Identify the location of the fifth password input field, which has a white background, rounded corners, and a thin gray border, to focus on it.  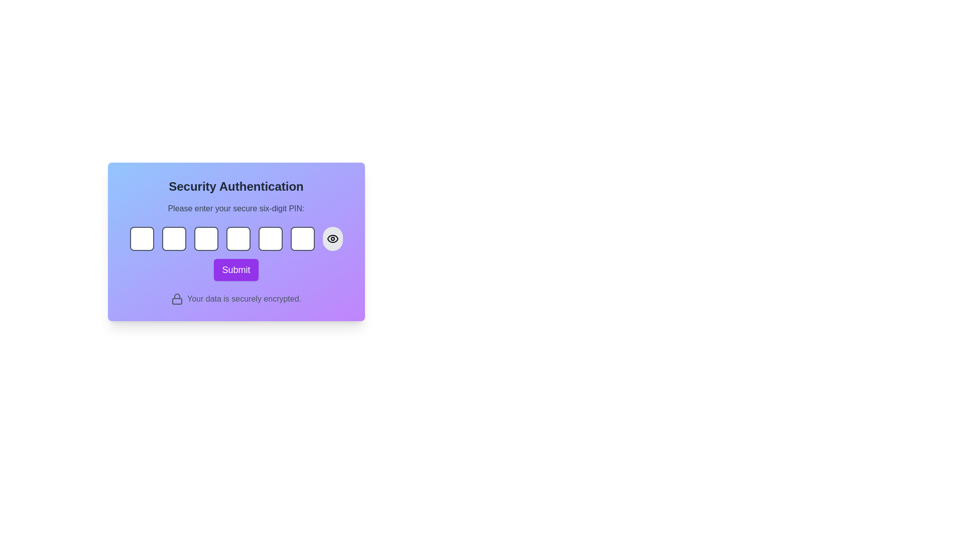
(270, 238).